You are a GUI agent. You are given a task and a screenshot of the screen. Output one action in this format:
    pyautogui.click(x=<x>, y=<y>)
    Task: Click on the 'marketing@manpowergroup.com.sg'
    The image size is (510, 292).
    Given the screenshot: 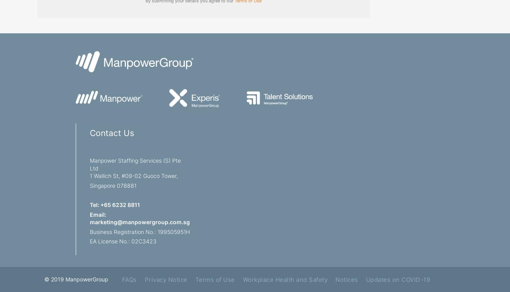 What is the action you would take?
    pyautogui.click(x=139, y=222)
    